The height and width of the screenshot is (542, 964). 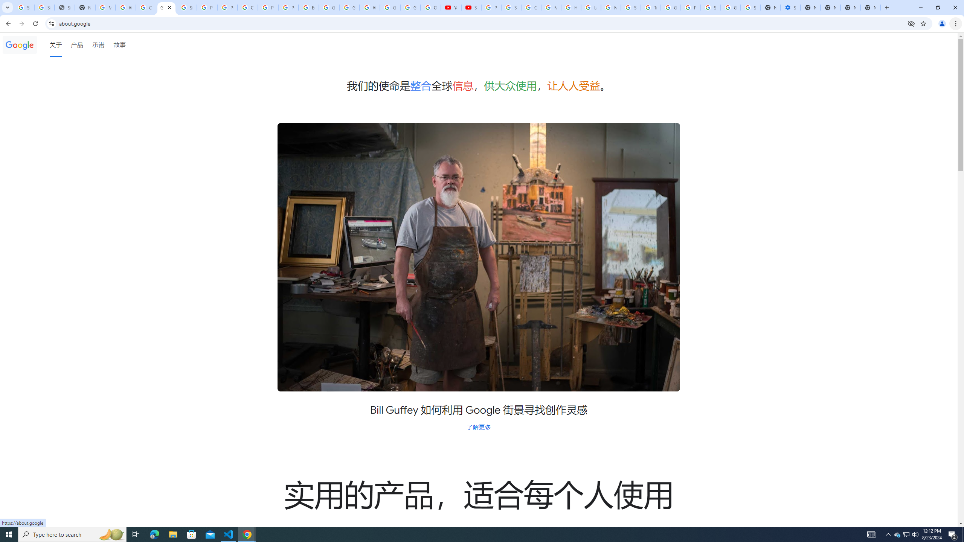 I want to click on 'Google', so click(x=20, y=44).